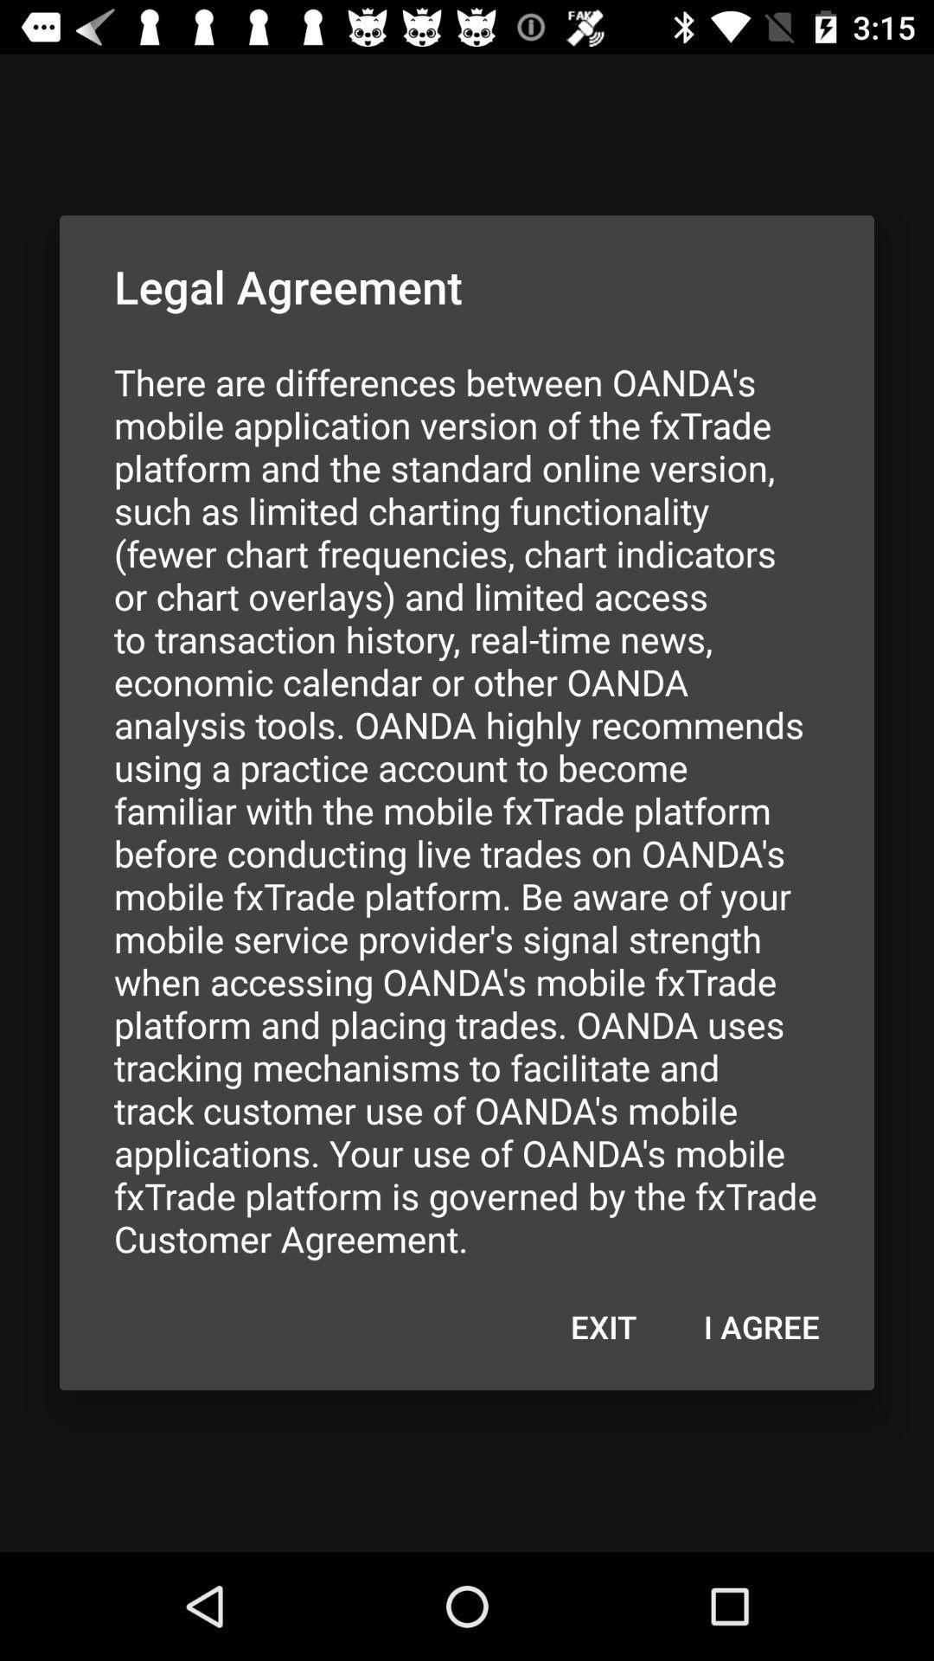 Image resolution: width=934 pixels, height=1661 pixels. Describe the element at coordinates (760, 1325) in the screenshot. I see `the i agree` at that location.